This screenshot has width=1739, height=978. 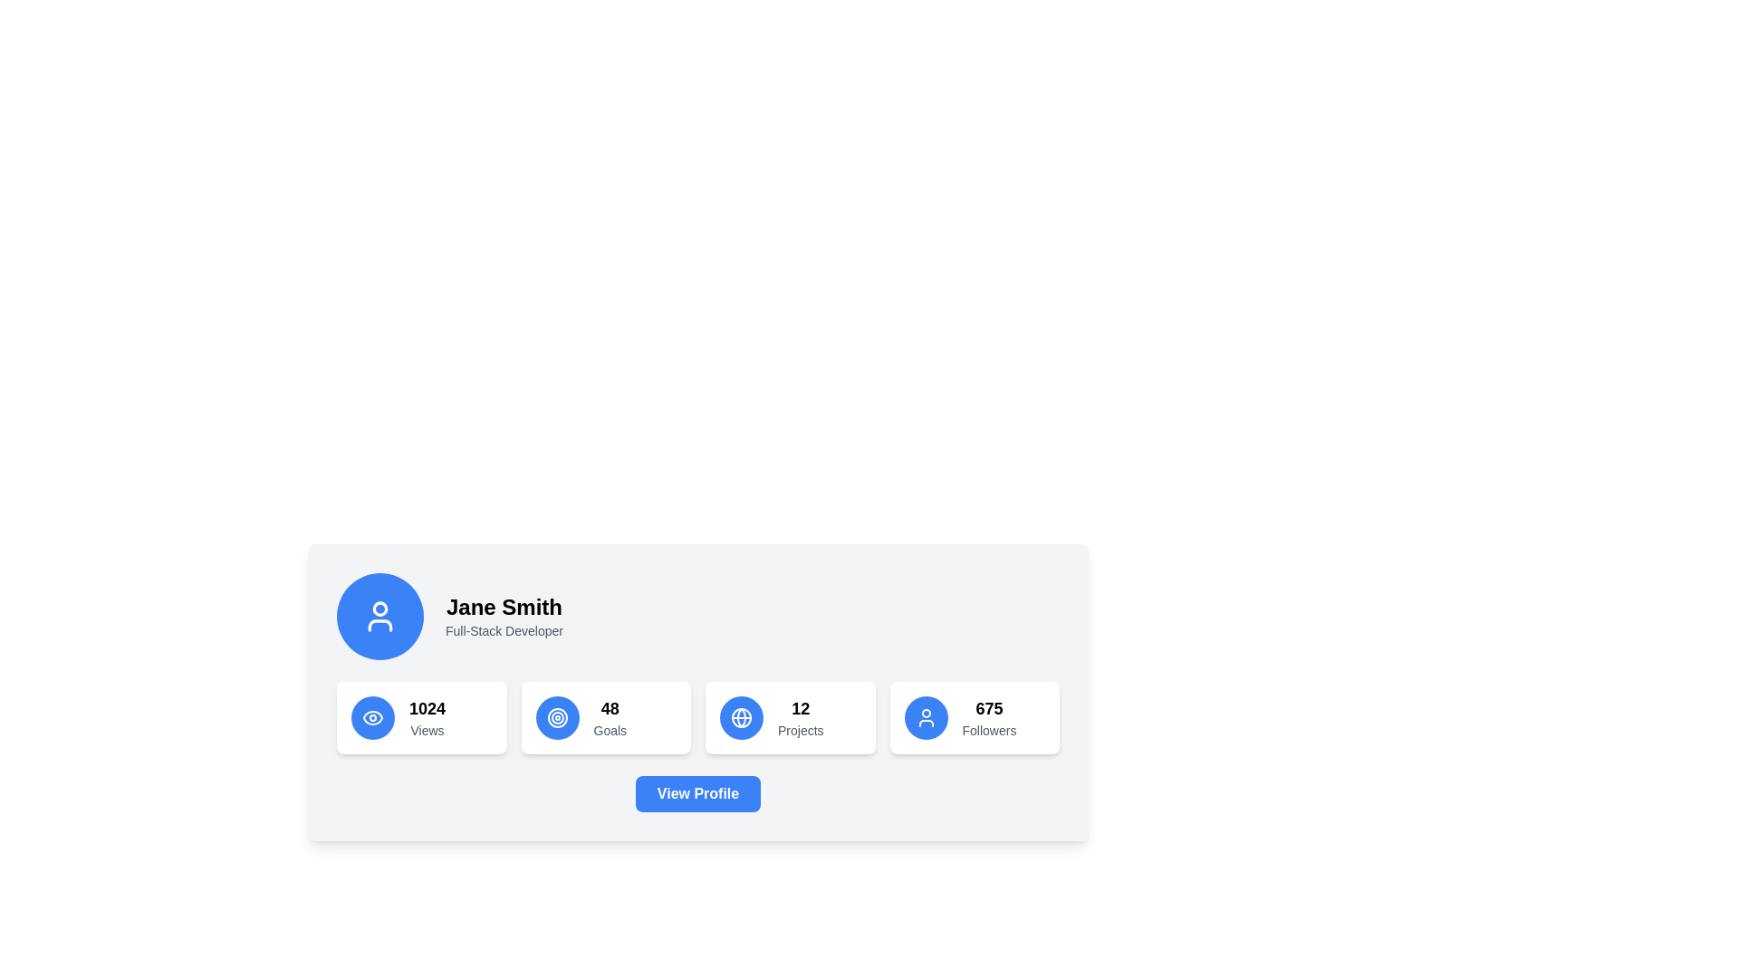 I want to click on the 'Views' icon located to the left of the numerical text '1024 Views' in the Views section, so click(x=372, y=717).